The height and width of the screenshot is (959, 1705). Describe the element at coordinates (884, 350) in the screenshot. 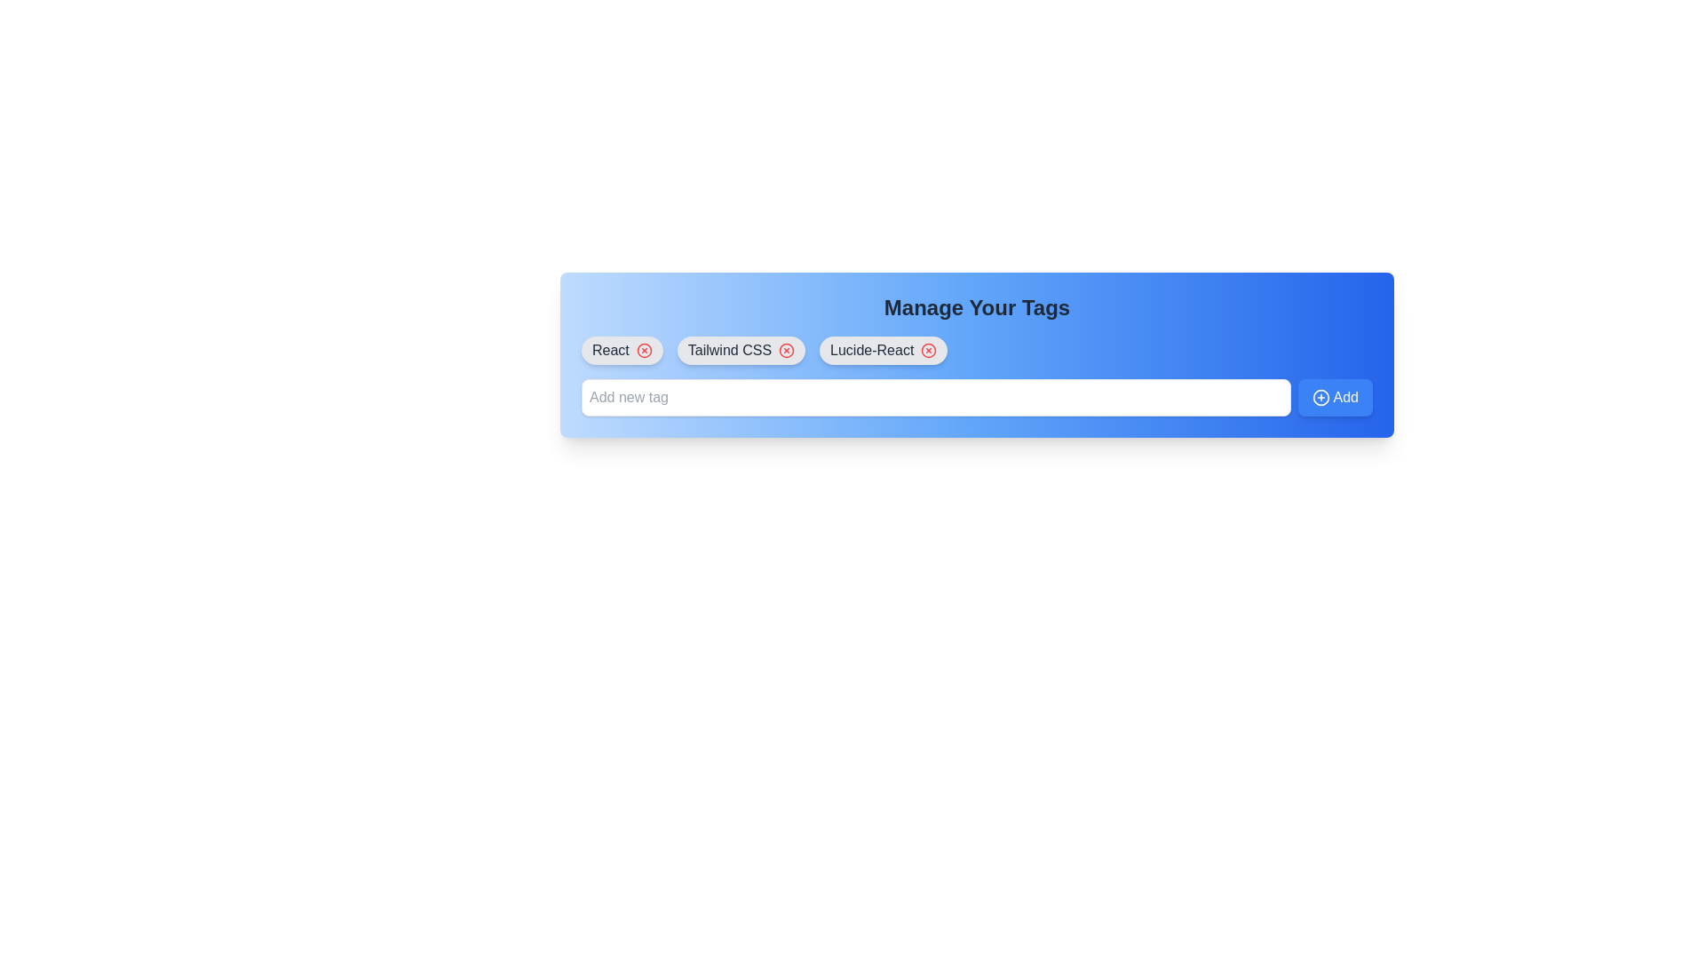

I see `the 'Lucide-React' tag element` at that location.